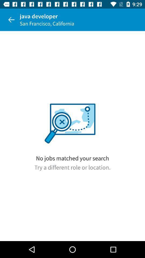 This screenshot has height=258, width=145. Describe the element at coordinates (11, 20) in the screenshot. I see `item to the left of the java developer icon` at that location.